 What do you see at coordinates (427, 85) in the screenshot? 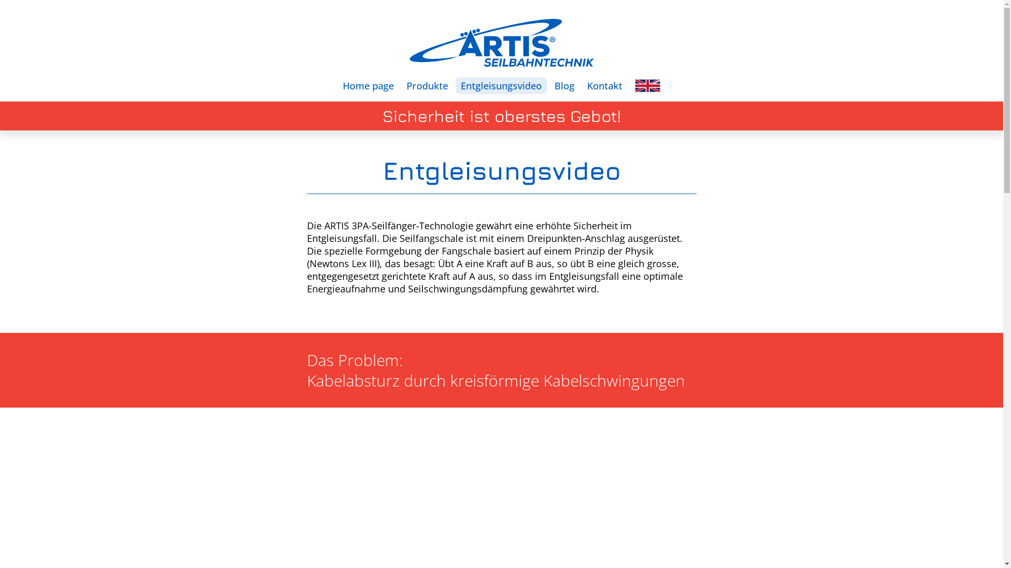
I see `'Produkte'` at bounding box center [427, 85].